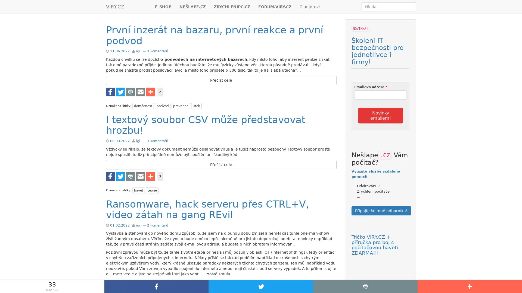 The height and width of the screenshot is (293, 522). I want to click on Pripojte ke mne odbornika!, so click(381, 210).